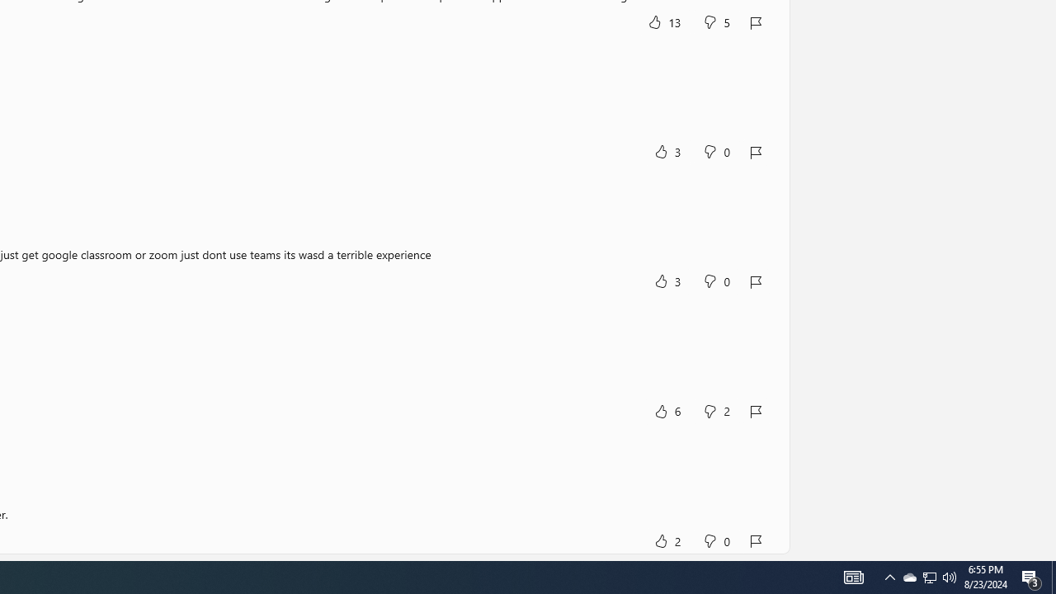 Image resolution: width=1056 pixels, height=594 pixels. Describe the element at coordinates (756, 540) in the screenshot. I see `'Report review'` at that location.